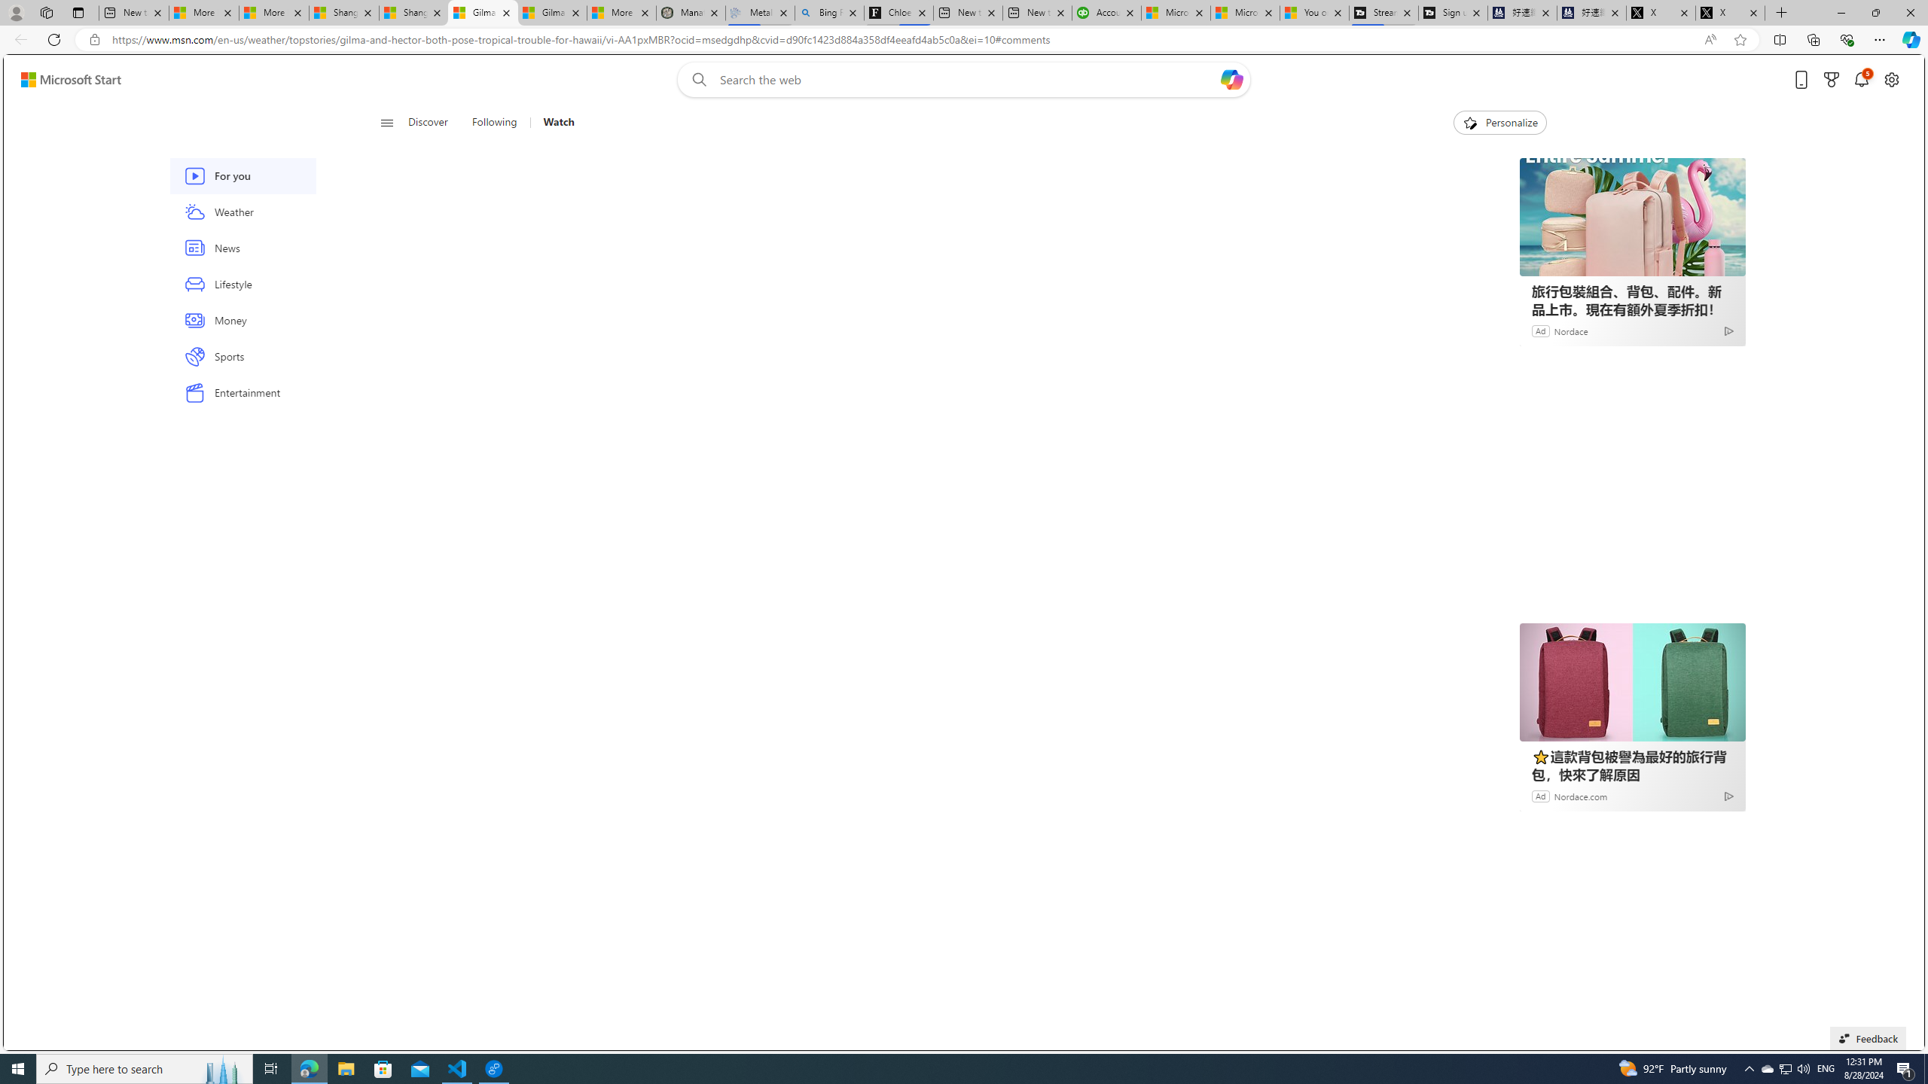 The image size is (1928, 1084). I want to click on 'Enter your search term', so click(967, 78).